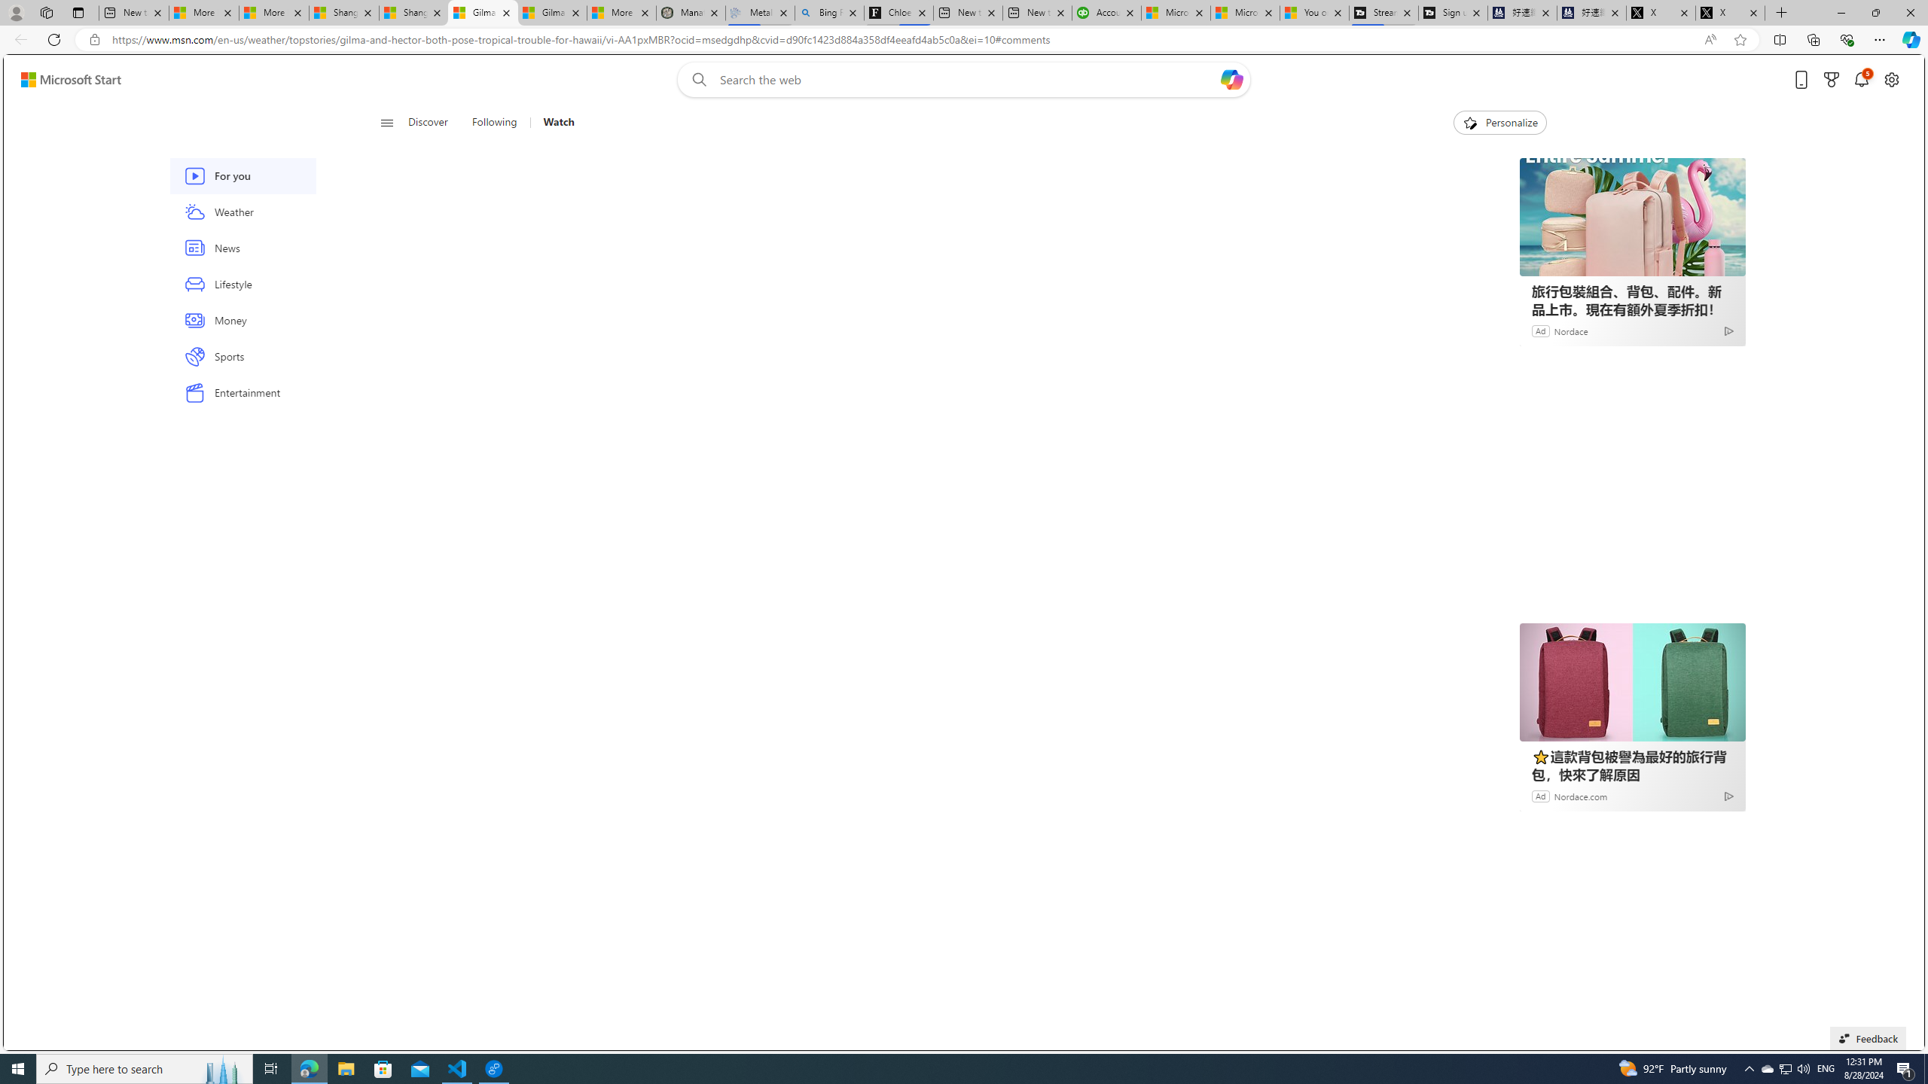 The image size is (1928, 1084). I want to click on 'Enter your search term', so click(967, 78).